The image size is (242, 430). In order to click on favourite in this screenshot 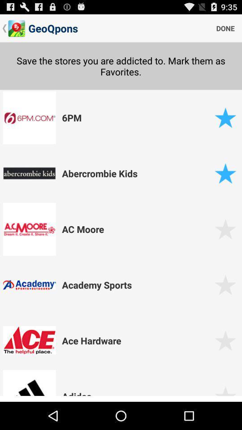, I will do `click(225, 173)`.